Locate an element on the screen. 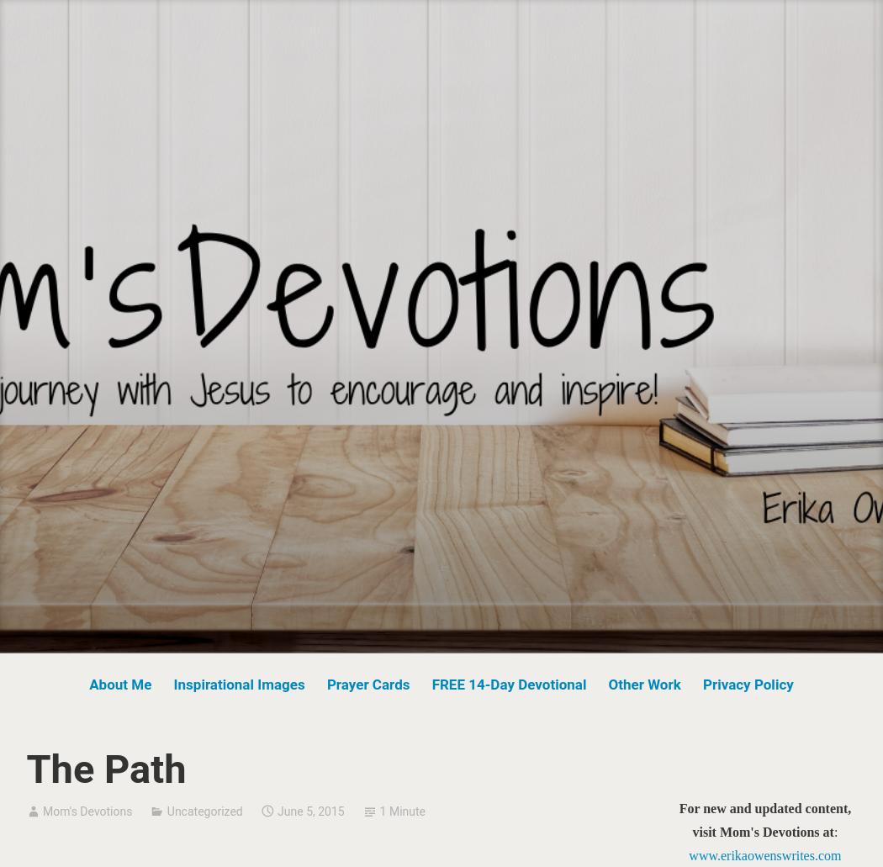  'June 5, 2015' is located at coordinates (278, 809).